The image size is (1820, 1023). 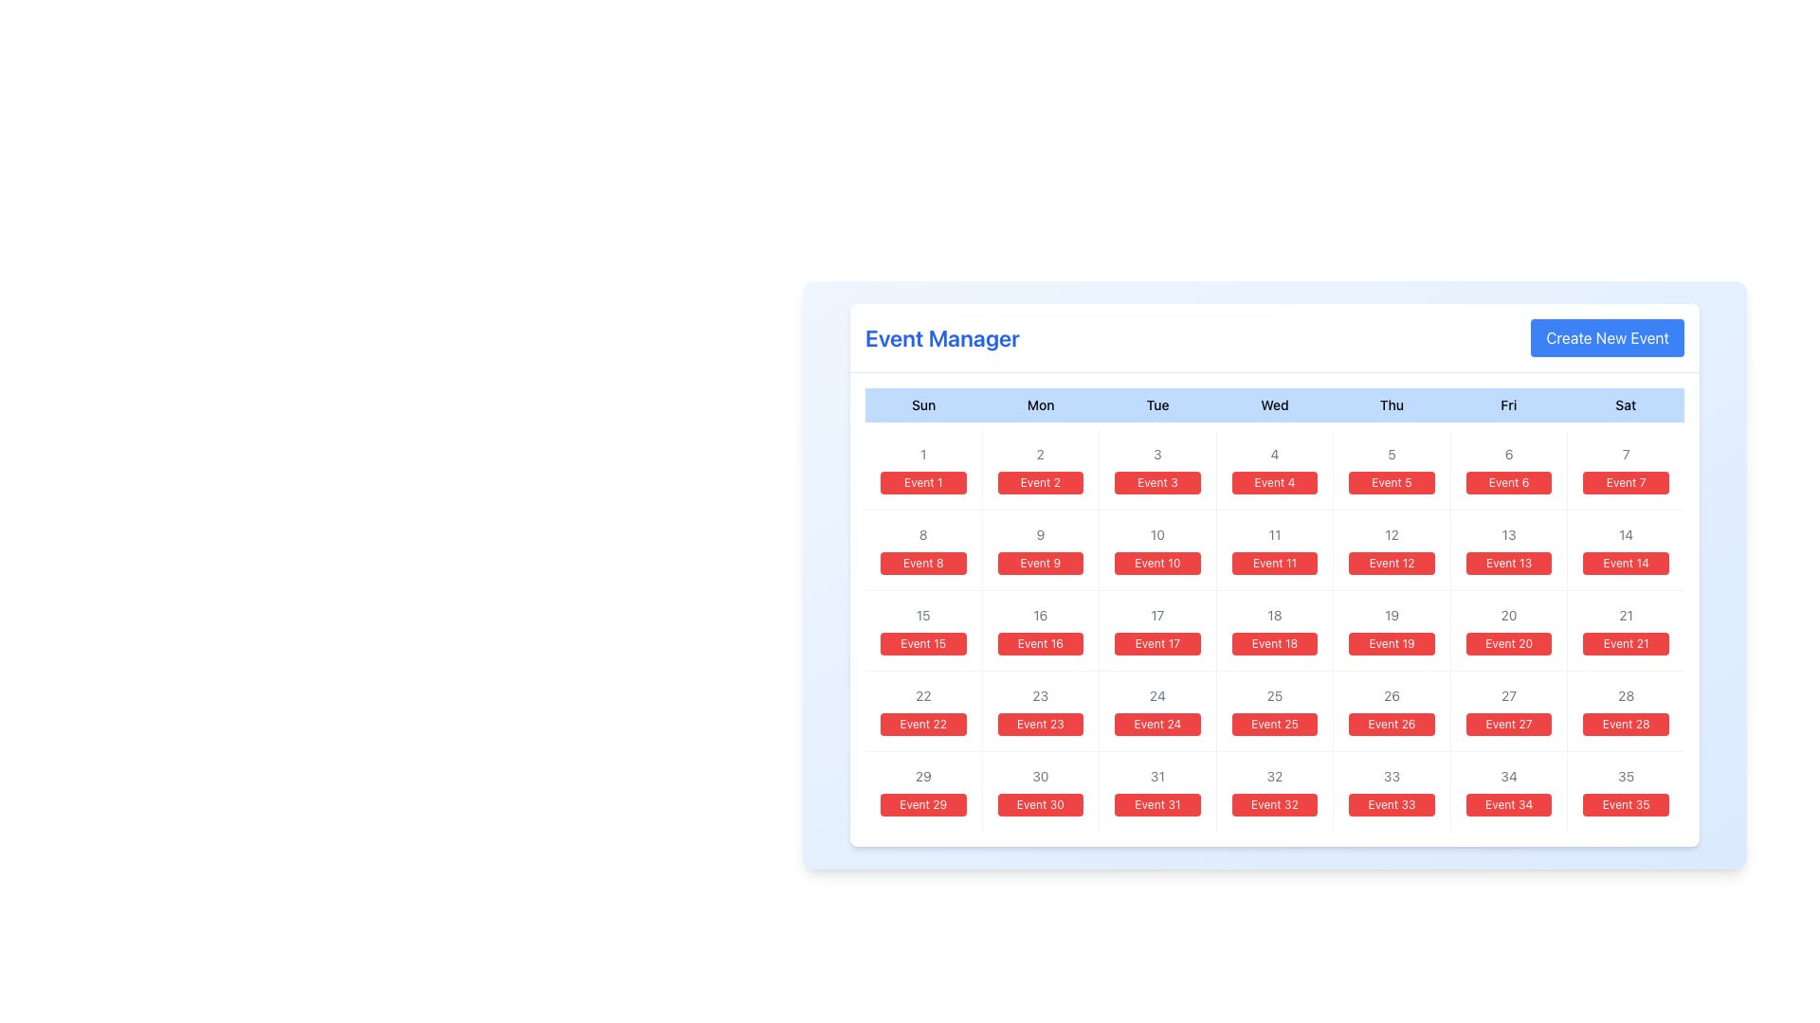 What do you see at coordinates (1625, 792) in the screenshot?
I see `the Button-like grid cell representing 'Event 35' in the last column of the bottommost row` at bounding box center [1625, 792].